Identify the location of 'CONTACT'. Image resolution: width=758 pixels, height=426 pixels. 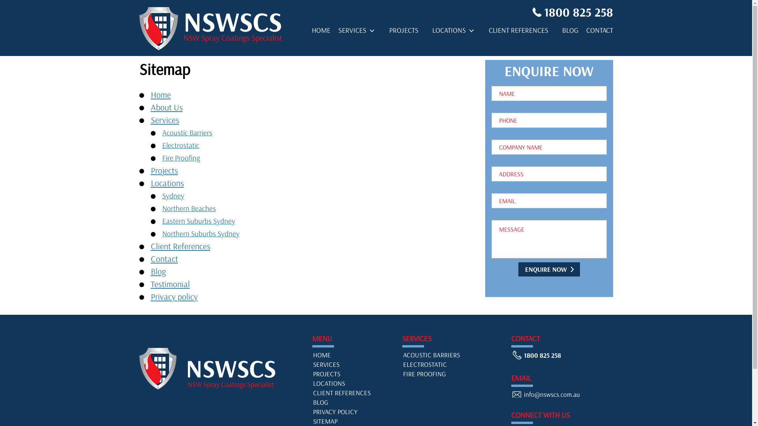
(599, 31).